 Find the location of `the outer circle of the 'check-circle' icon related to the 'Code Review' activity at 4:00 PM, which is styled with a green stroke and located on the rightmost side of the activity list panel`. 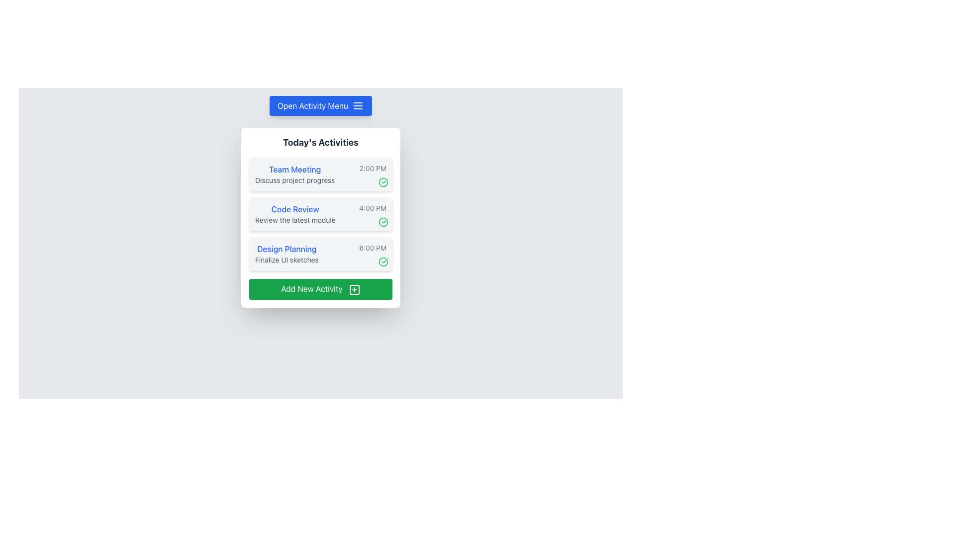

the outer circle of the 'check-circle' icon related to the 'Code Review' activity at 4:00 PM, which is styled with a green stroke and located on the rightmost side of the activity list panel is located at coordinates (383, 262).